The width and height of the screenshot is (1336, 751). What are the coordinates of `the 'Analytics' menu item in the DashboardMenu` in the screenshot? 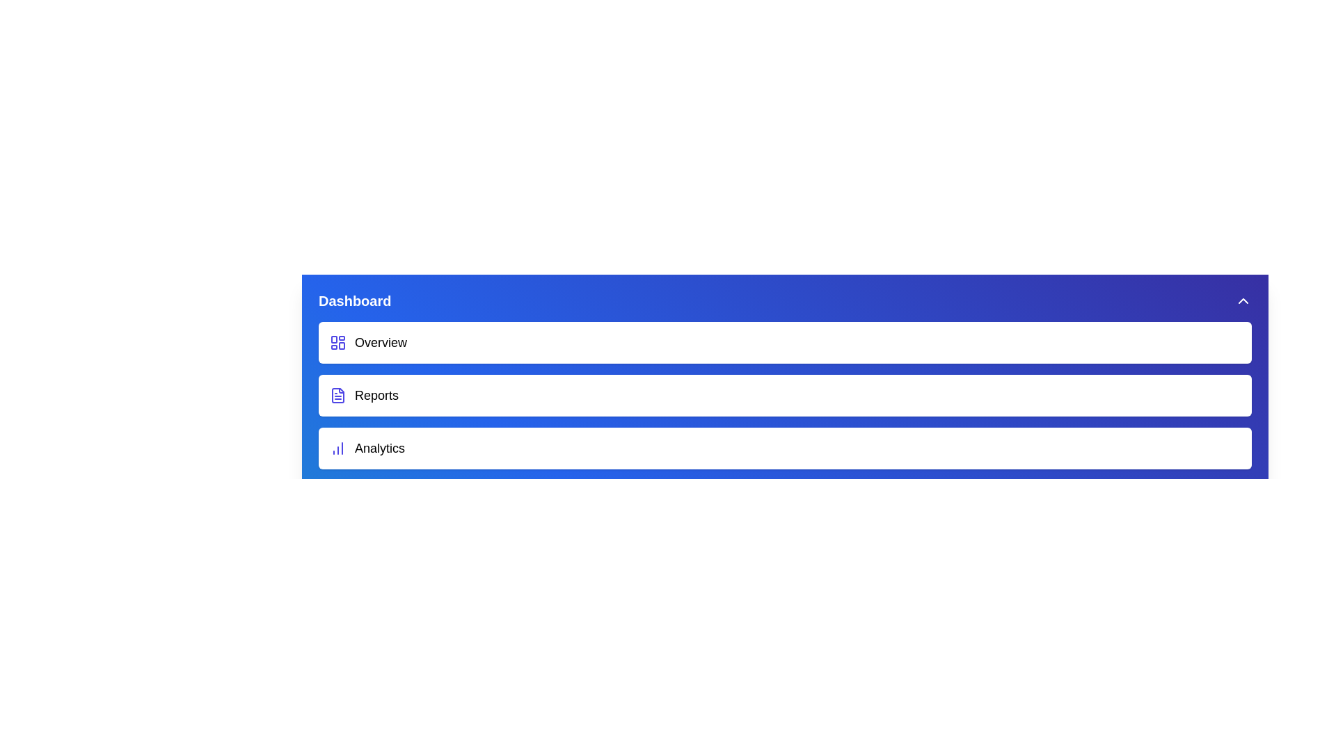 It's located at (785, 448).